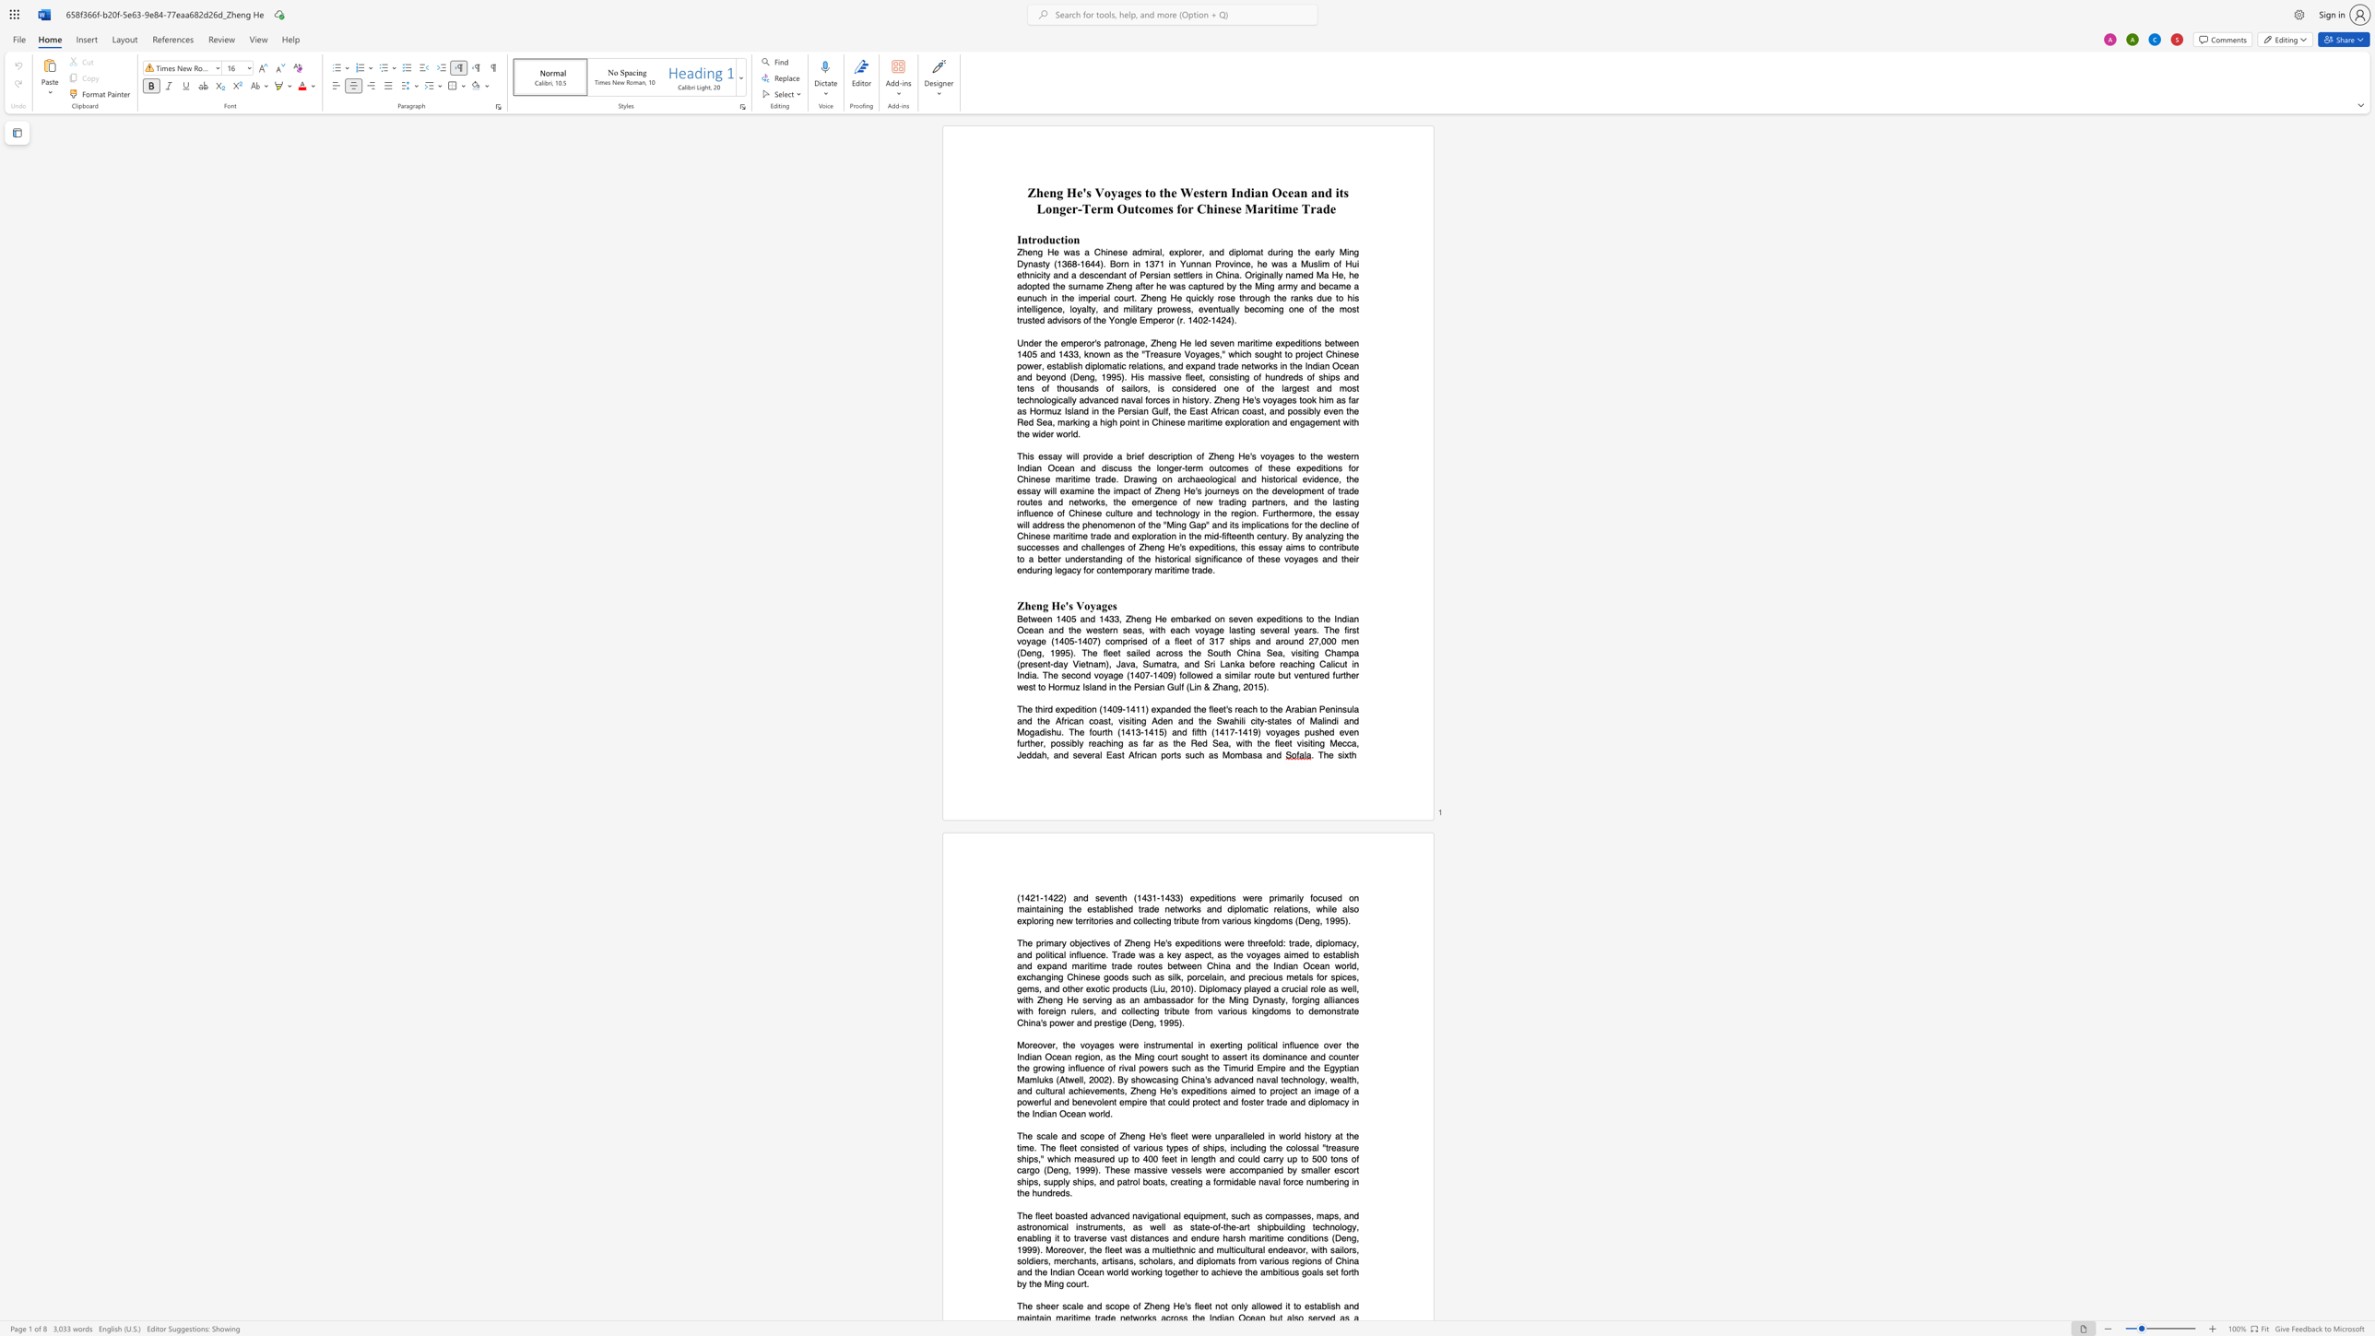  Describe the element at coordinates (1114, 1101) in the screenshot. I see `the subset text "t empire that could protect and foster trade and diplom" within the text "China"` at that location.